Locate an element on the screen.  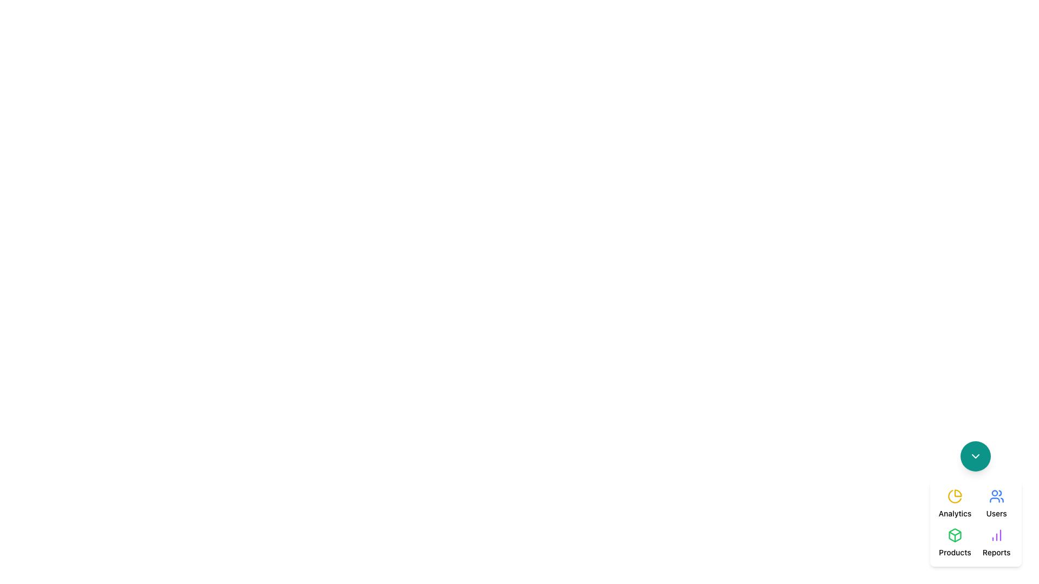
the 'Analytics' button, which is represented by a yellow pie-chart icon and the text 'Analytics' arranged vertically is located at coordinates (955, 504).